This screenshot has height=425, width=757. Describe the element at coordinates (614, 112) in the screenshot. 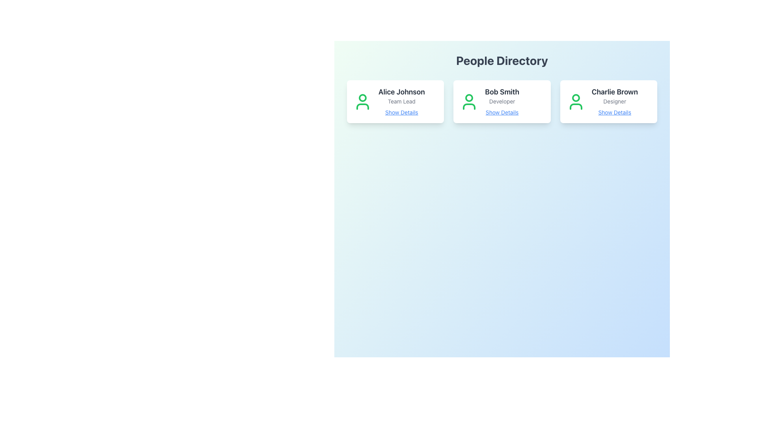

I see `the 'Show Details' hyperlink at the bottom of Charlie Brown's card to view the context menu` at that location.